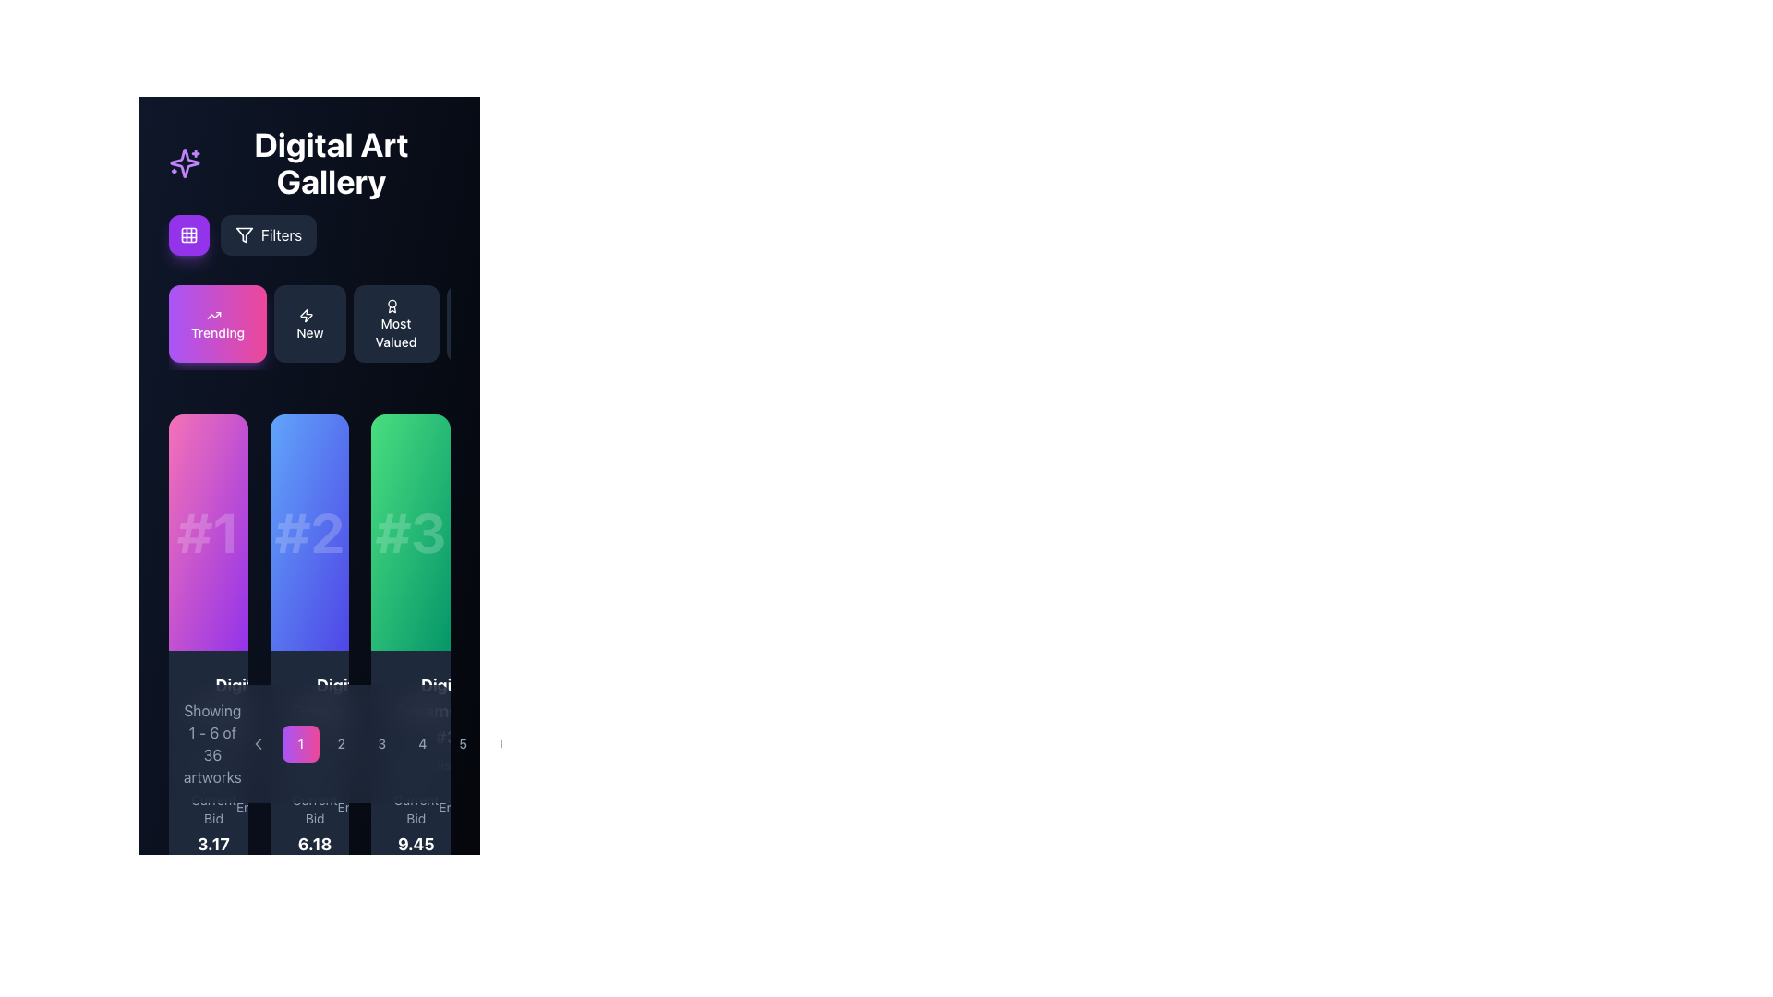 The width and height of the screenshot is (1773, 997). Describe the element at coordinates (189, 234) in the screenshot. I see `the interactive button located at the top left corner of its section` at that location.